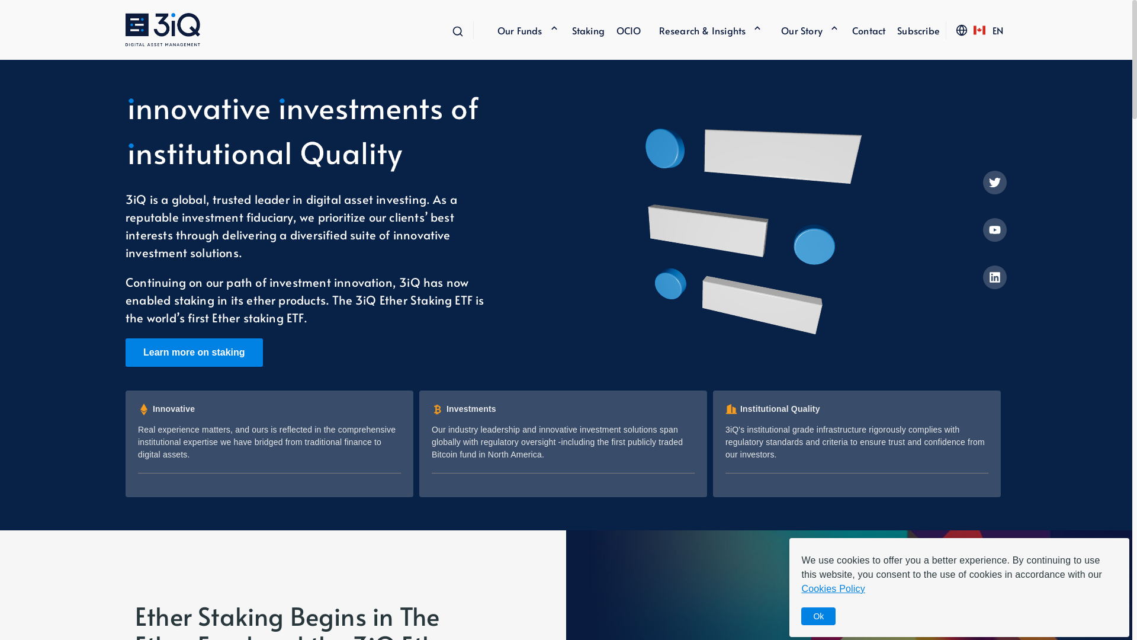  I want to click on 'Contact', so click(863, 29).